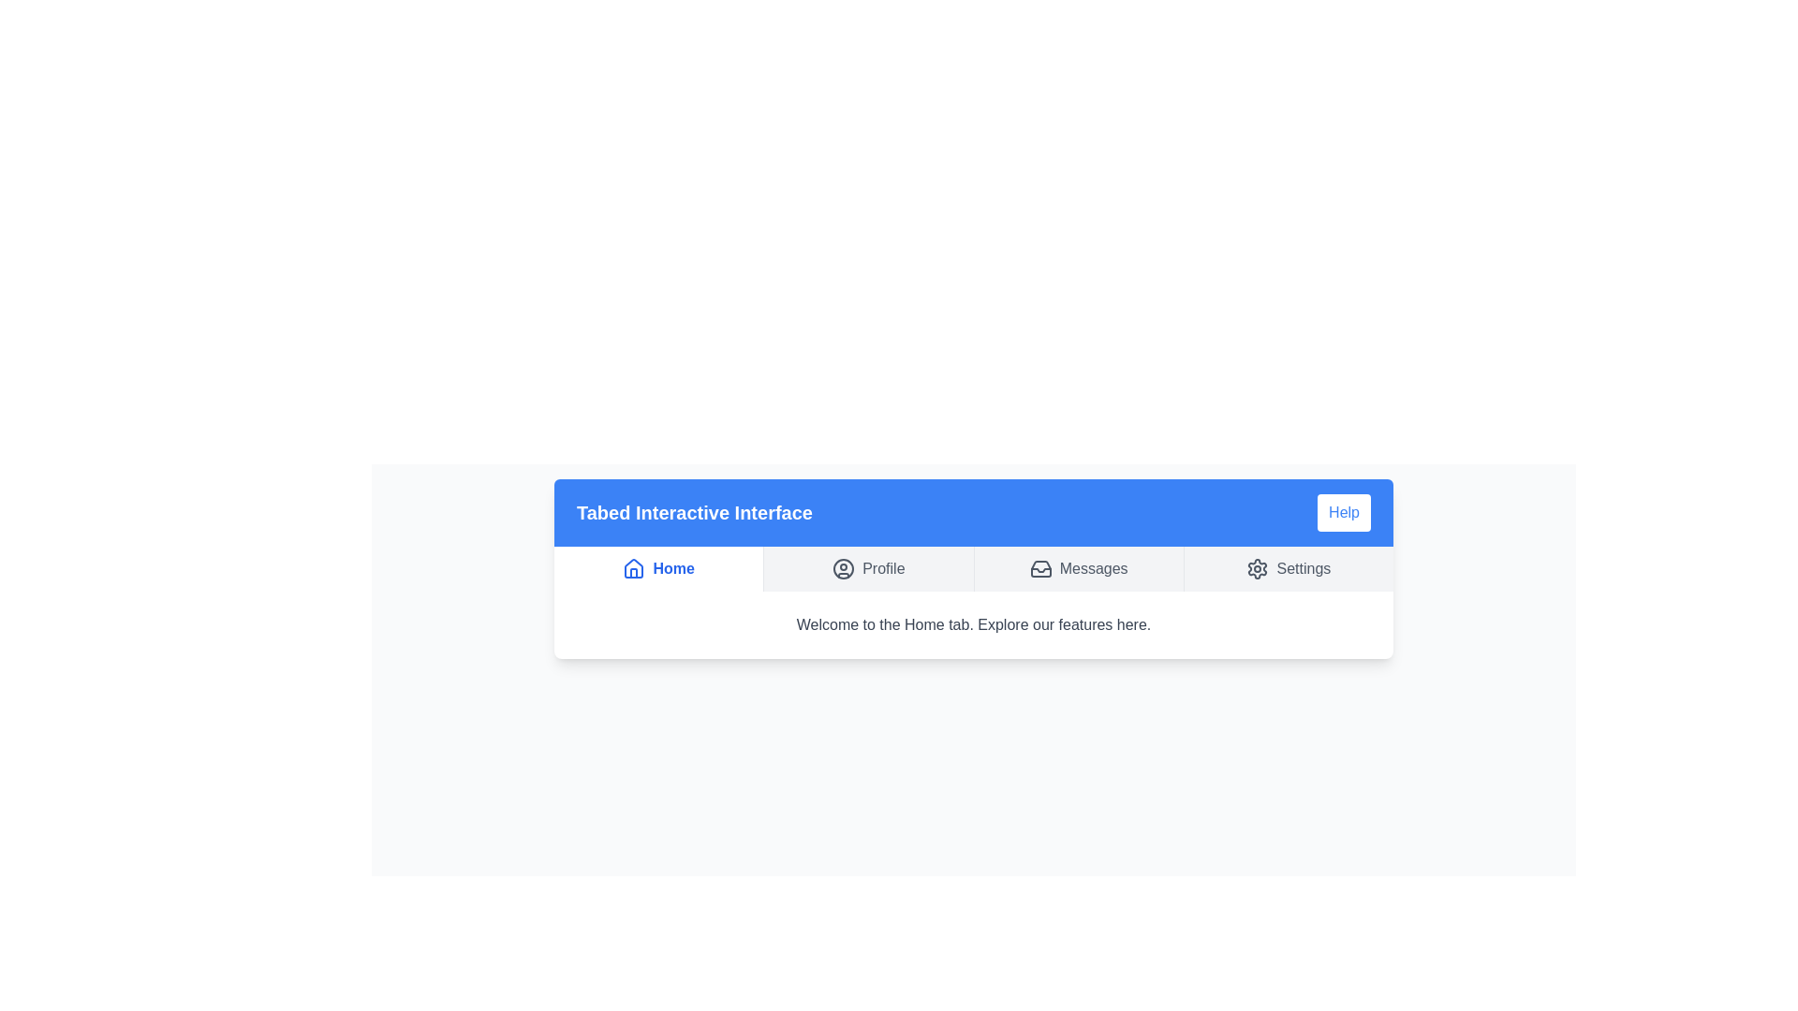  Describe the element at coordinates (1343, 512) in the screenshot. I see `the 'Help' button, which is a rectangular button with blue text on a white background, located at the far-right end of the blue bar at the top of the interface` at that location.